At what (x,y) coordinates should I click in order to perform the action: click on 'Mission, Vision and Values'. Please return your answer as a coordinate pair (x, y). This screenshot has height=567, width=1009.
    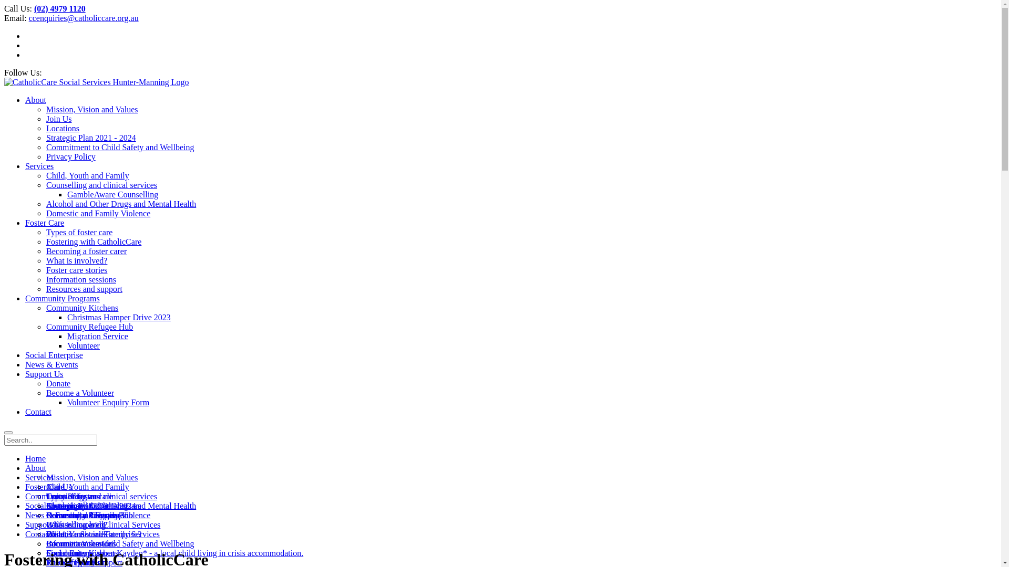
    Looking at the image, I should click on (91, 477).